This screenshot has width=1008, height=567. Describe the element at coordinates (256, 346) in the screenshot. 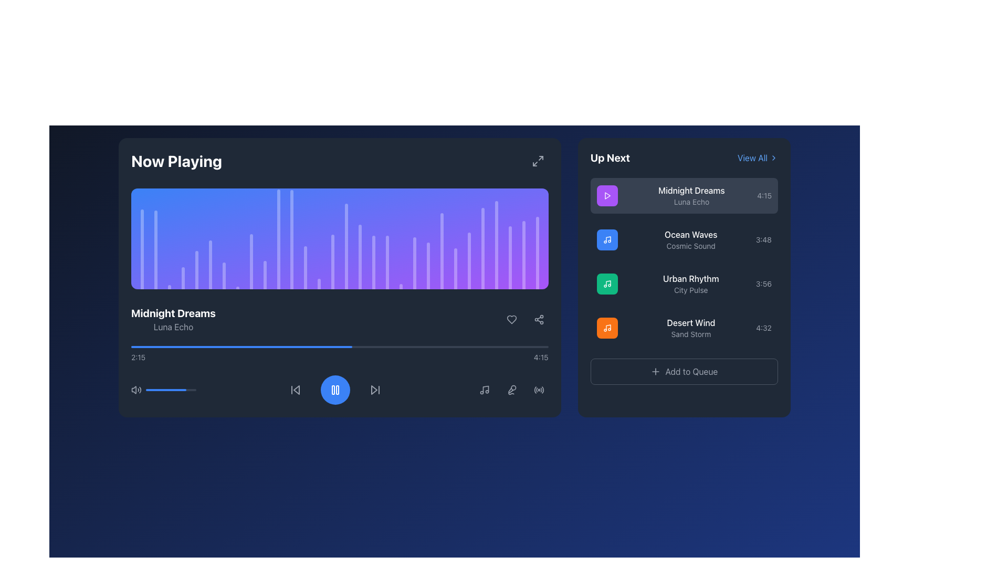

I see `the progress bar` at that location.